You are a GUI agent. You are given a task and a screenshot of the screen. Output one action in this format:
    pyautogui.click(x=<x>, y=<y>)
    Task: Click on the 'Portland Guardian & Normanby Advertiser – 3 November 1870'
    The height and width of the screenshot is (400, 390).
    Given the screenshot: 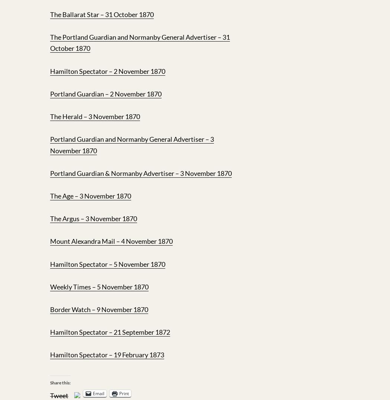 What is the action you would take?
    pyautogui.click(x=50, y=173)
    